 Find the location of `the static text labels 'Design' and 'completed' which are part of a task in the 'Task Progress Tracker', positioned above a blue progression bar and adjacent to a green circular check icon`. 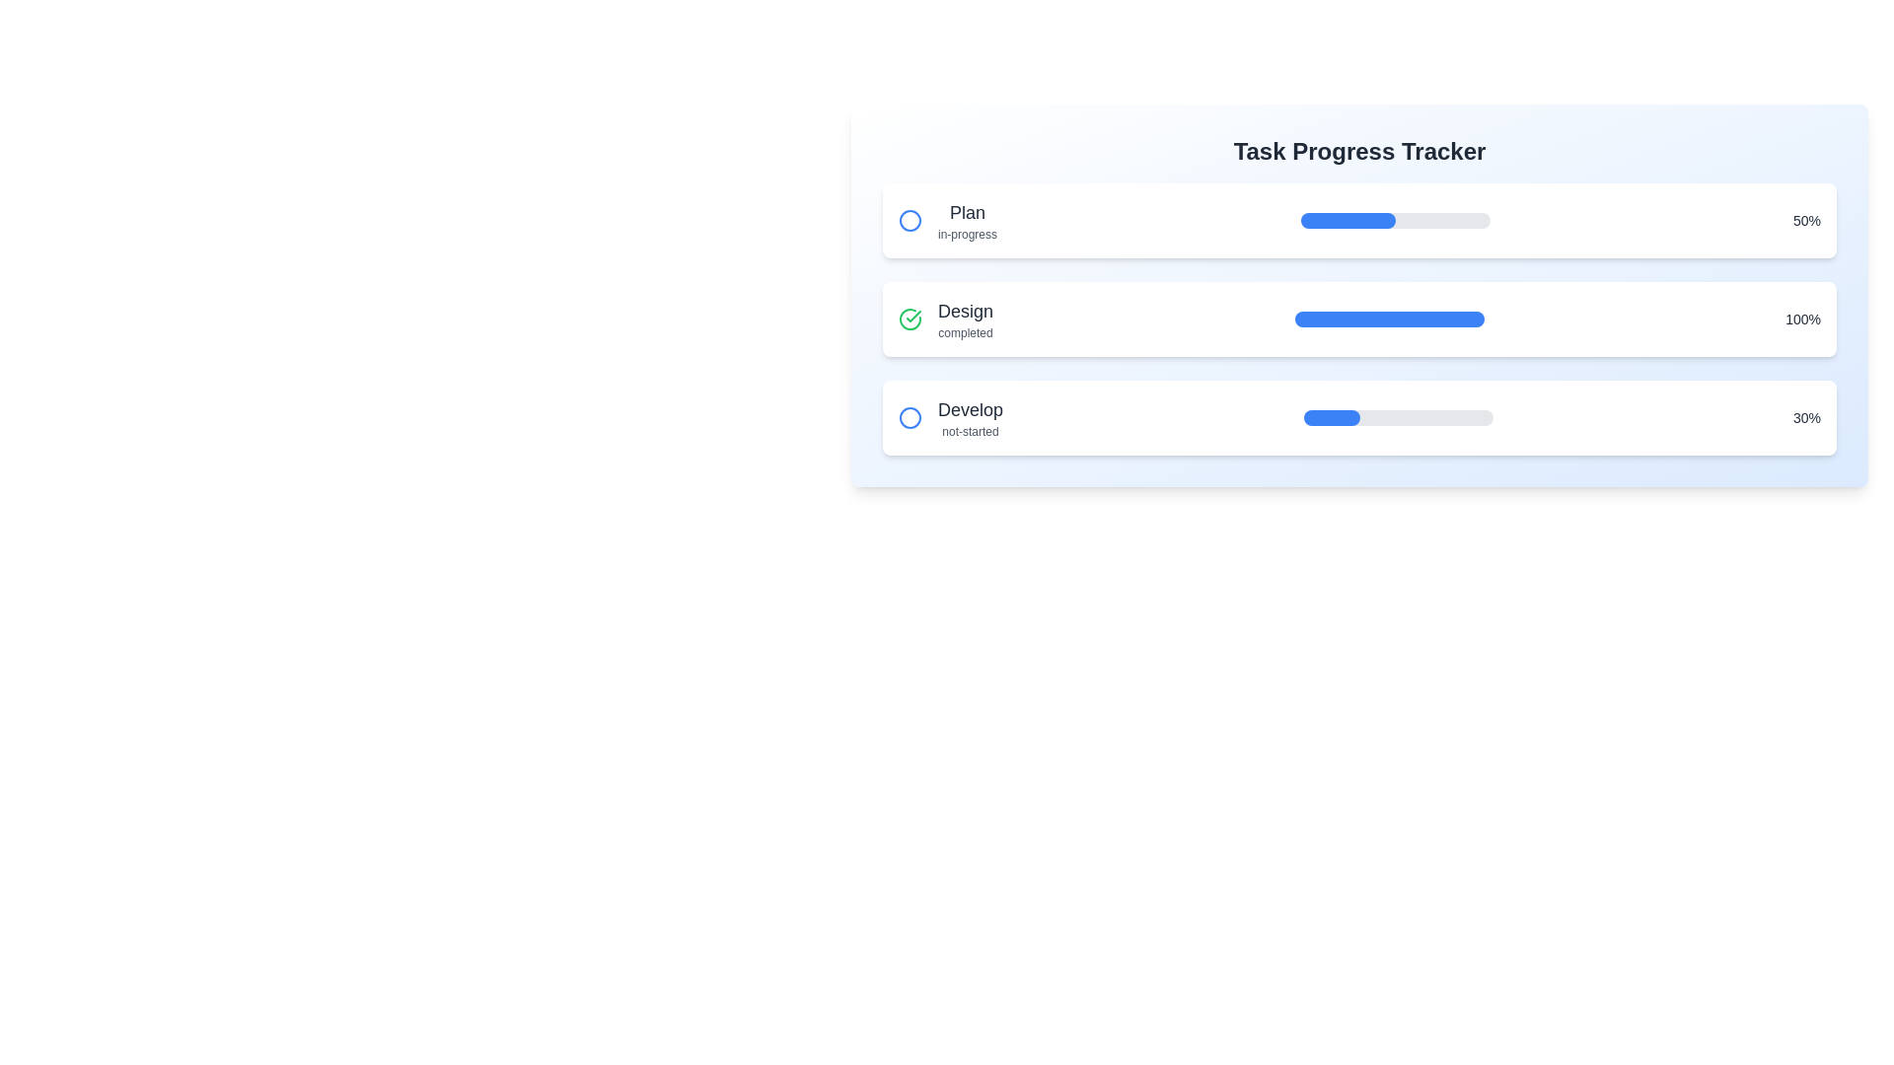

the static text labels 'Design' and 'completed' which are part of a task in the 'Task Progress Tracker', positioned above a blue progression bar and adjacent to a green circular check icon is located at coordinates (966, 319).